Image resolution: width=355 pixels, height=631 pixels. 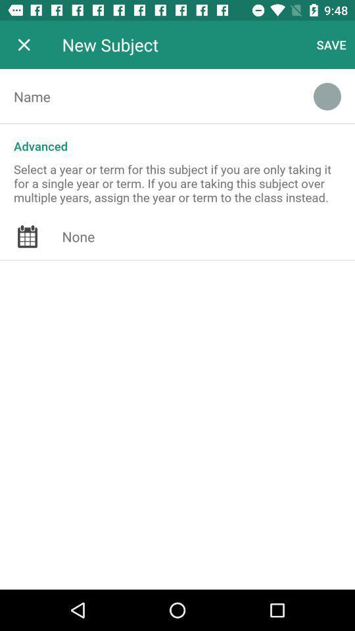 What do you see at coordinates (24, 45) in the screenshot?
I see `app to the left of the new subject item` at bounding box center [24, 45].